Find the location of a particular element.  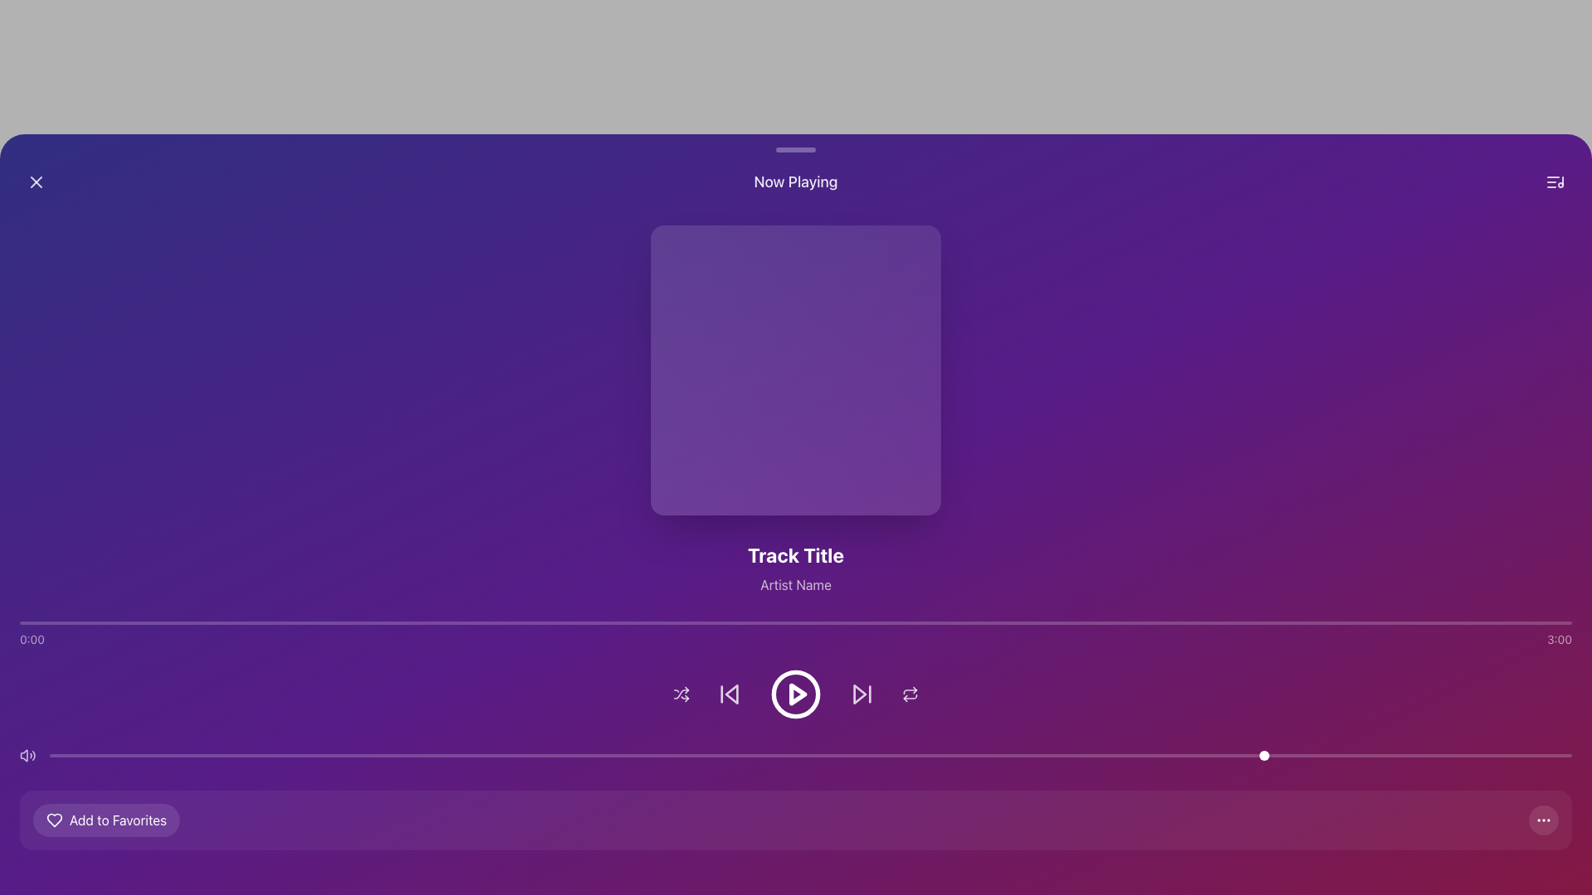

the circular play button with a white border and a purple background to play or pause the track is located at coordinates (796, 694).